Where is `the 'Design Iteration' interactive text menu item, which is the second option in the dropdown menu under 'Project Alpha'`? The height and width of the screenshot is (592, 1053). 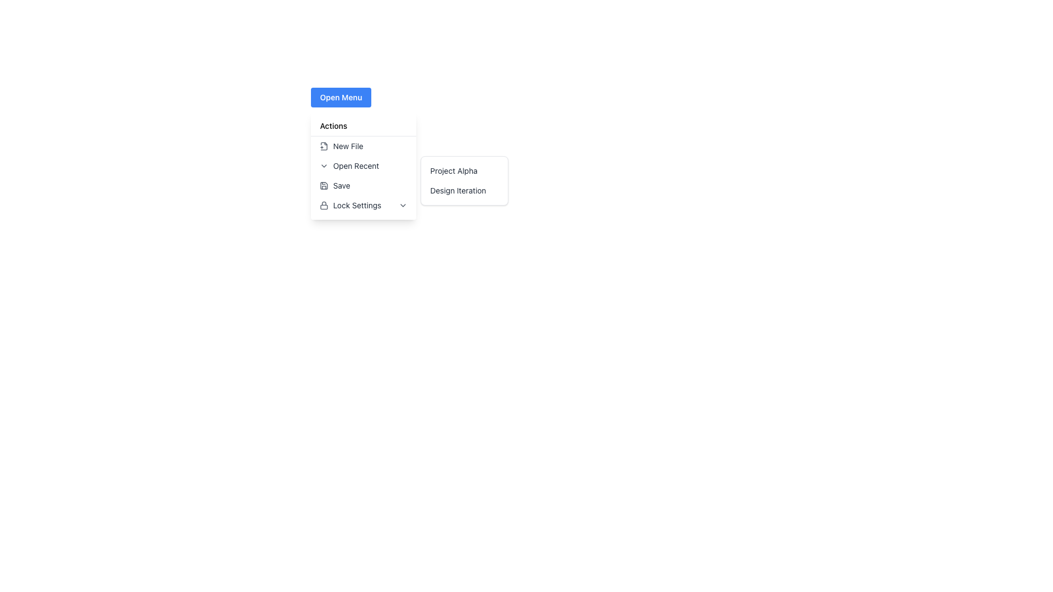
the 'Design Iteration' interactive text menu item, which is the second option in the dropdown menu under 'Project Alpha' is located at coordinates (465, 190).